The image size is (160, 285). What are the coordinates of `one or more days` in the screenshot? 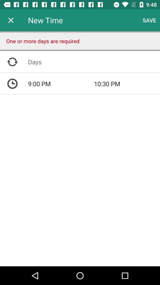 It's located at (94, 62).